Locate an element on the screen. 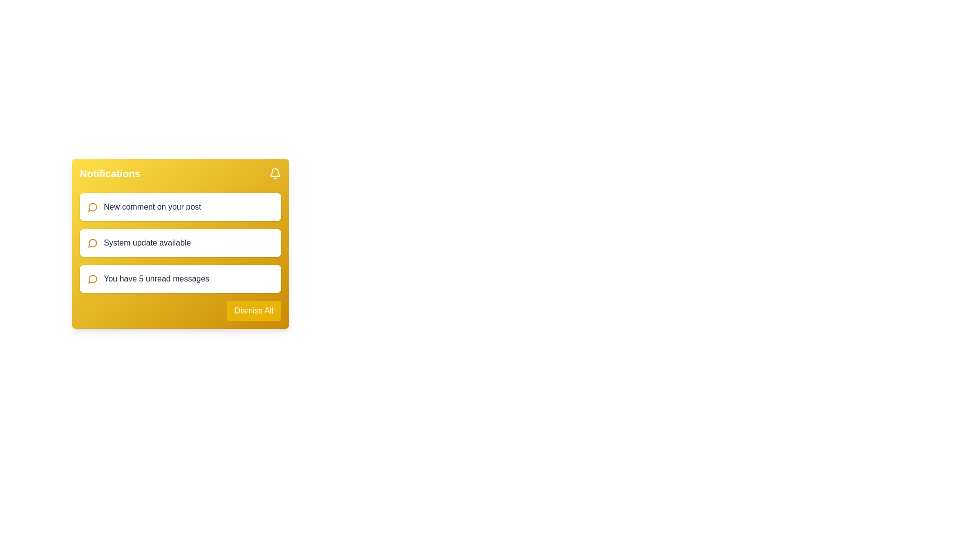 The height and width of the screenshot is (539, 959). the third notification message in the yellow panel that indicates unread messages, positioned between 'System update available' and 'Dismiss All' is located at coordinates (180, 279).